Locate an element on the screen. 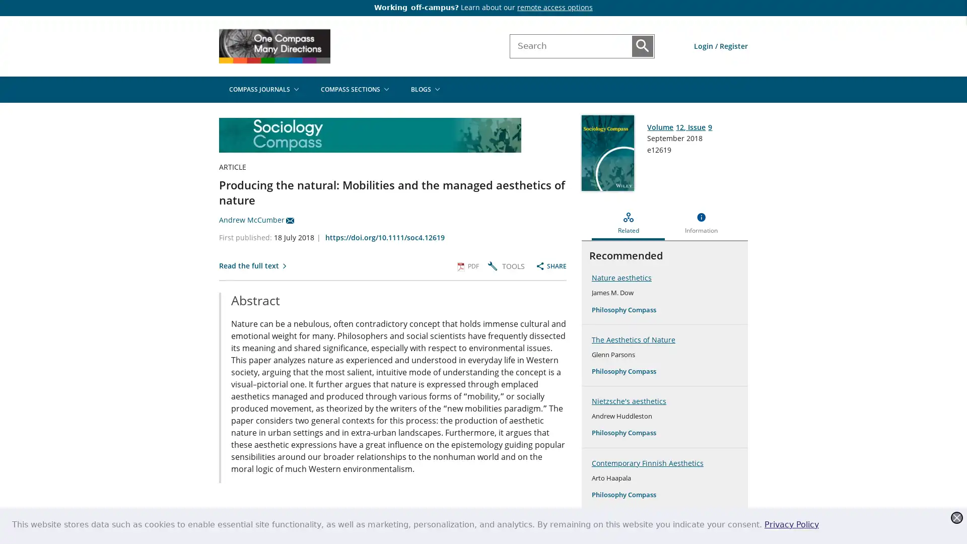 The height and width of the screenshot is (544, 967). Submit Search is located at coordinates (642, 46).